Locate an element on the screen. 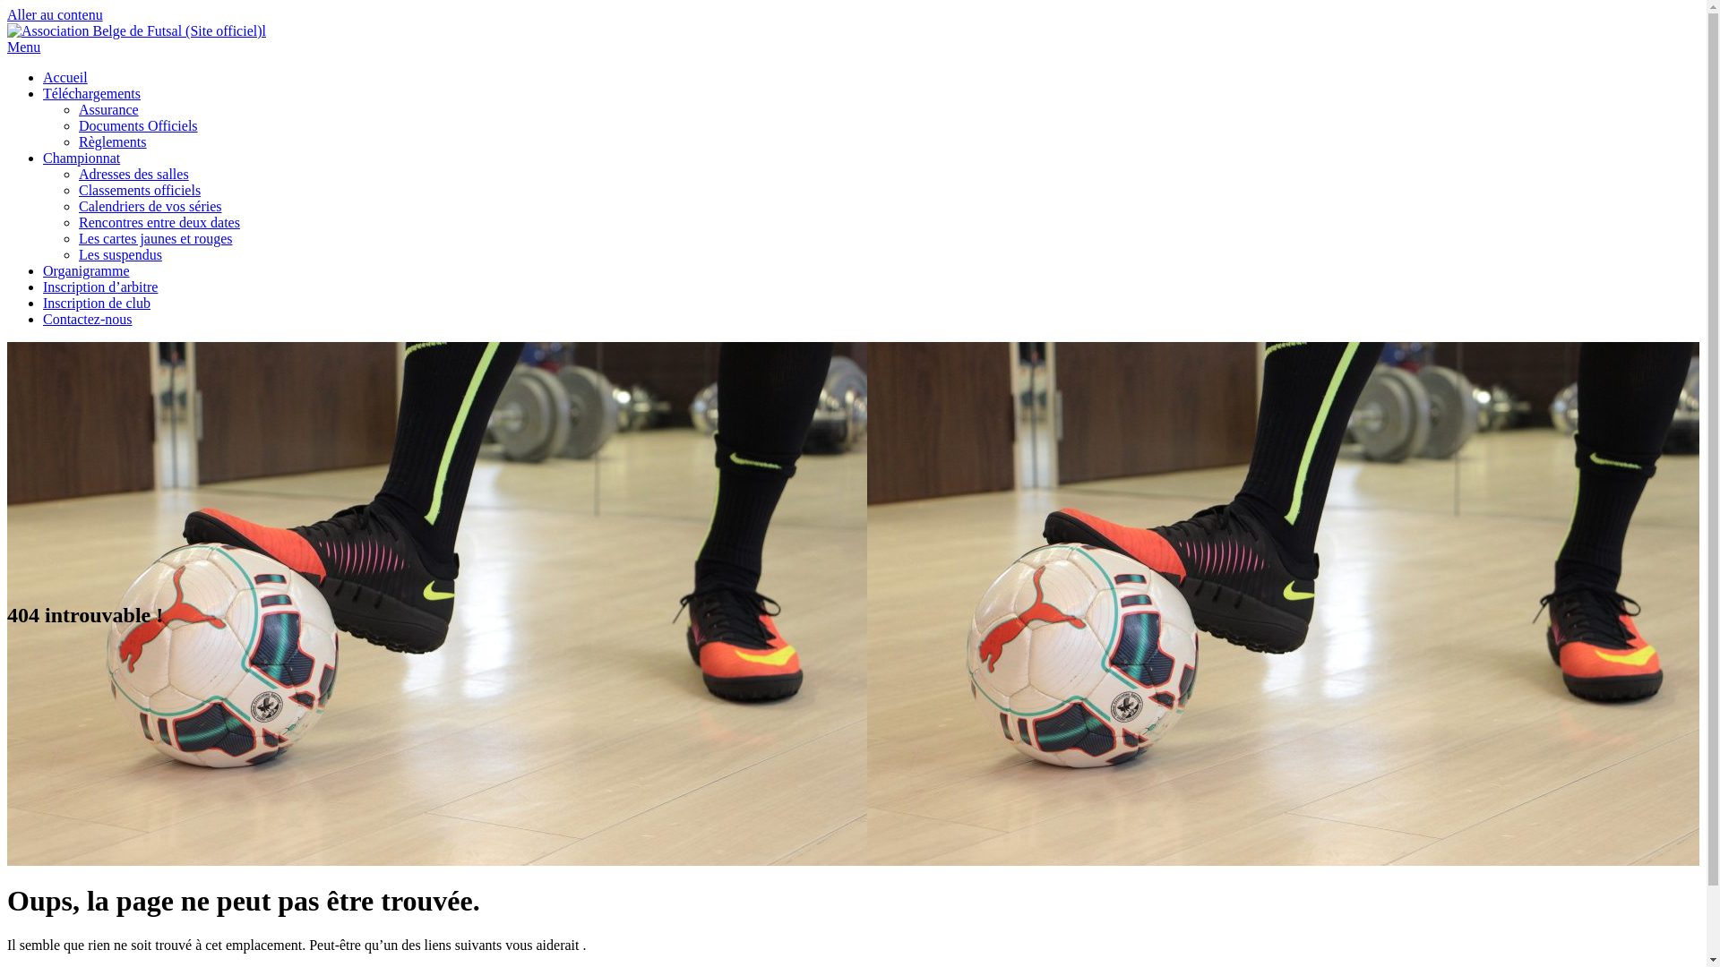 The height and width of the screenshot is (967, 1720). 'Menu' is located at coordinates (23, 46).